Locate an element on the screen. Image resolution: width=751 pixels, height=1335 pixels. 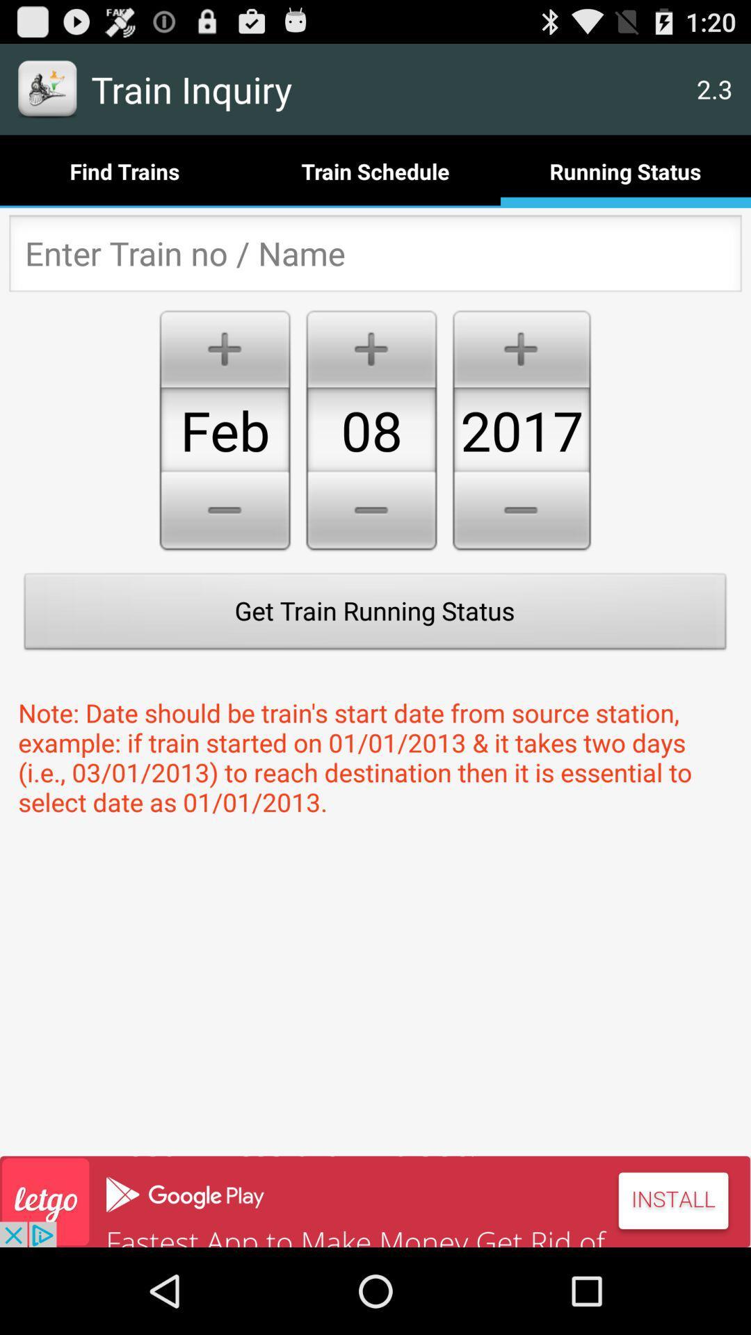
advertisement to install letgo app is located at coordinates (375, 1201).